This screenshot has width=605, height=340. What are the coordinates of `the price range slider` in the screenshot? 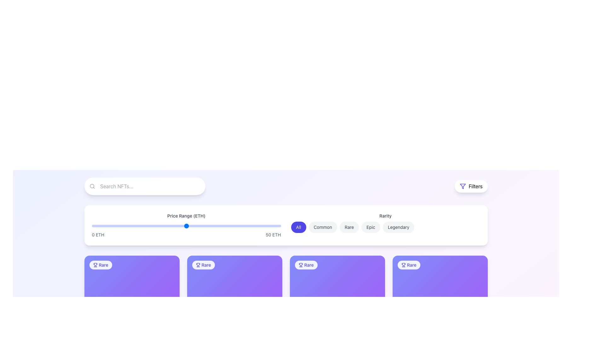 It's located at (144, 225).